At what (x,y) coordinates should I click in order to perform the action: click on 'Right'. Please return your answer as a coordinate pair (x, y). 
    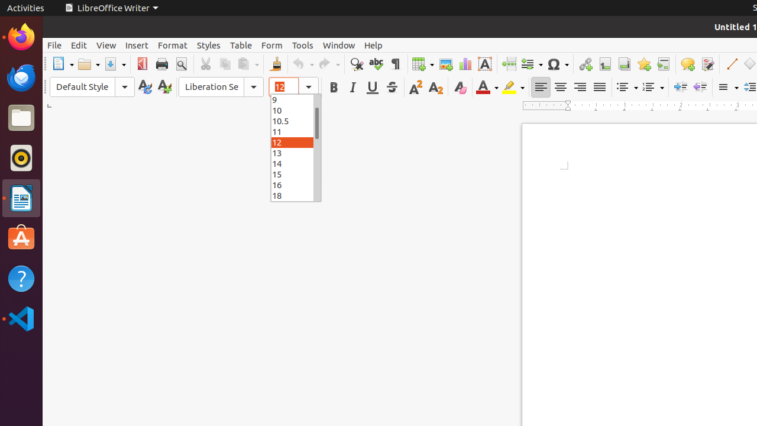
    Looking at the image, I should click on (580, 86).